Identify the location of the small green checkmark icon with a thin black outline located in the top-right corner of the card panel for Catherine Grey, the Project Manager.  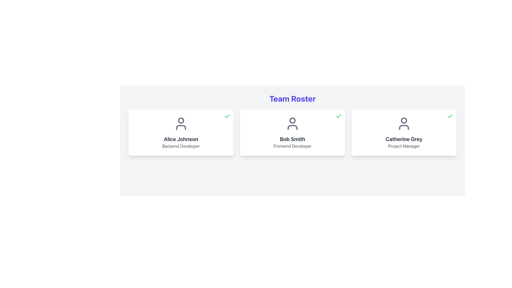
(450, 116).